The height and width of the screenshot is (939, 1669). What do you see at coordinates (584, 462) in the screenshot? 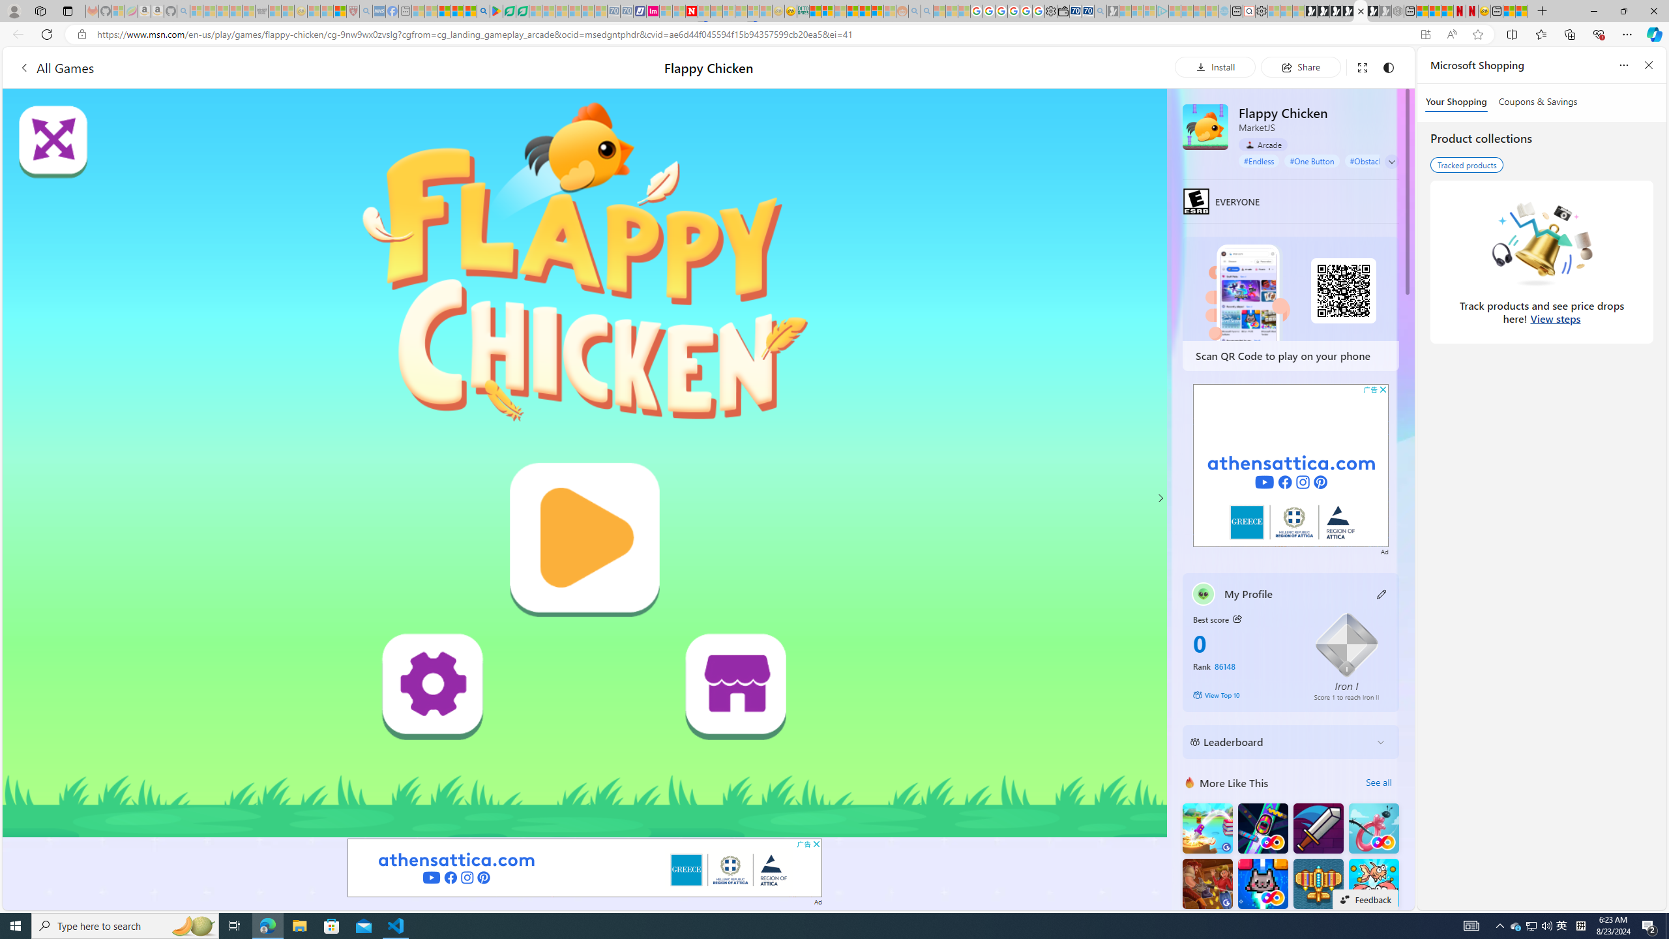
I see `'AutomationID: canvas'` at bounding box center [584, 462].